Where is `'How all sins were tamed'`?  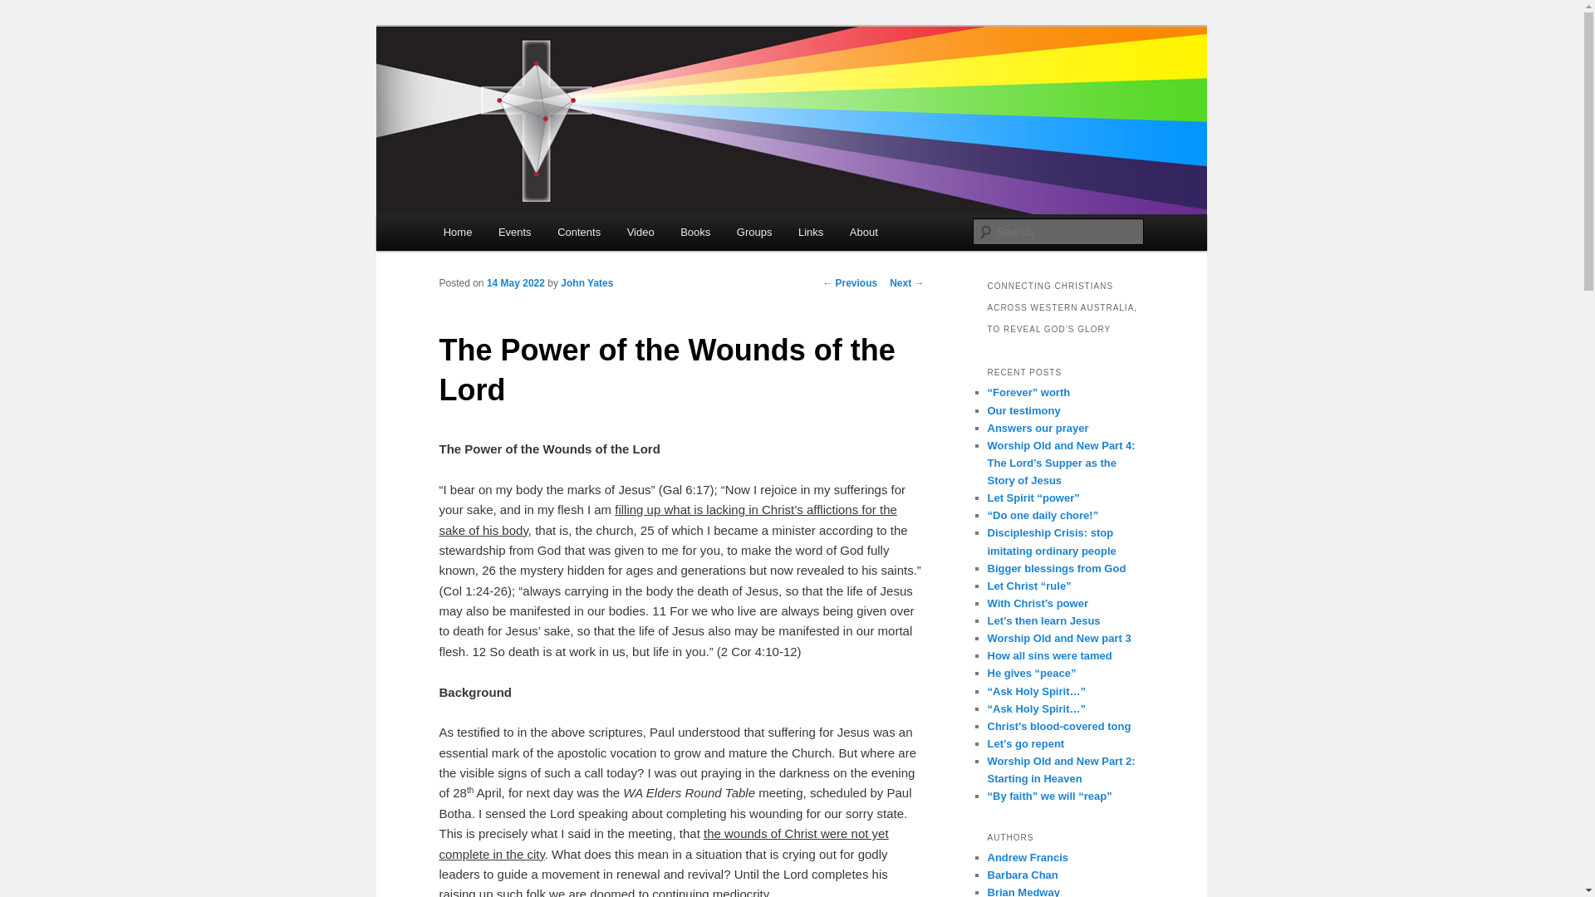 'How all sins were tamed' is located at coordinates (1048, 654).